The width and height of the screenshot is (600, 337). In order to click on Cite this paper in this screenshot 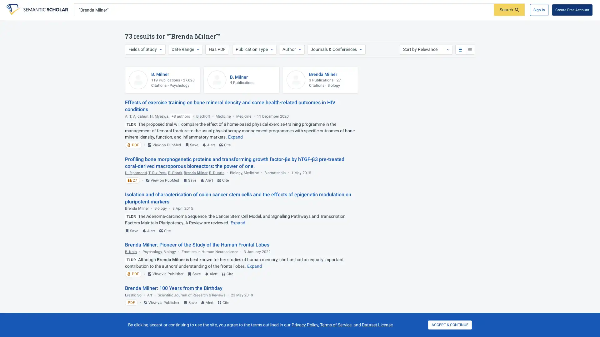, I will do `click(225, 145)`.